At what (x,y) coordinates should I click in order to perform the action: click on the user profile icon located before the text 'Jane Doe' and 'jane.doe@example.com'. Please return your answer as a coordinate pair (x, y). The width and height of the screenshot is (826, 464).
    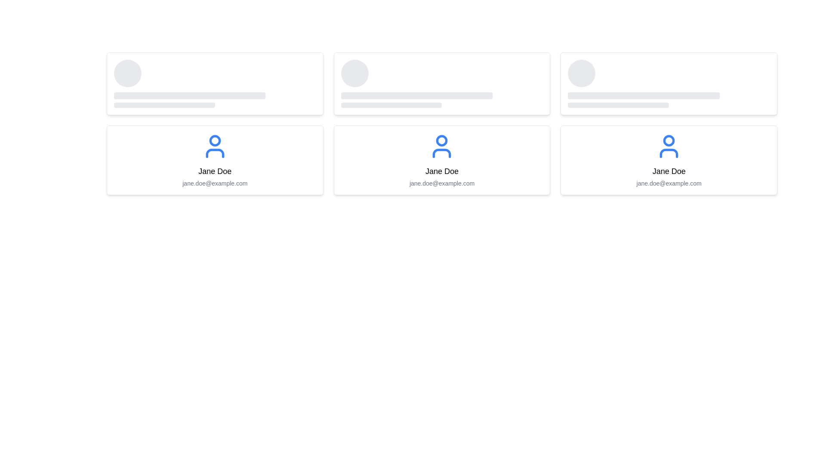
    Looking at the image, I should click on (215, 146).